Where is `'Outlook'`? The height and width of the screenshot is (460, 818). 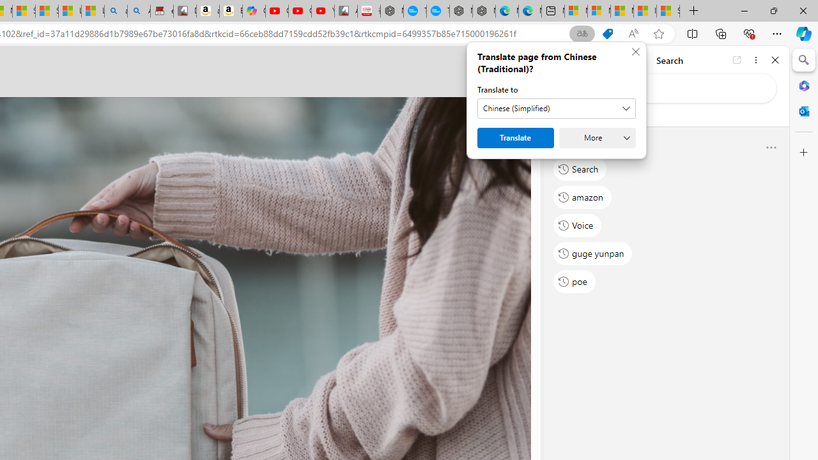
'Outlook' is located at coordinates (803, 111).